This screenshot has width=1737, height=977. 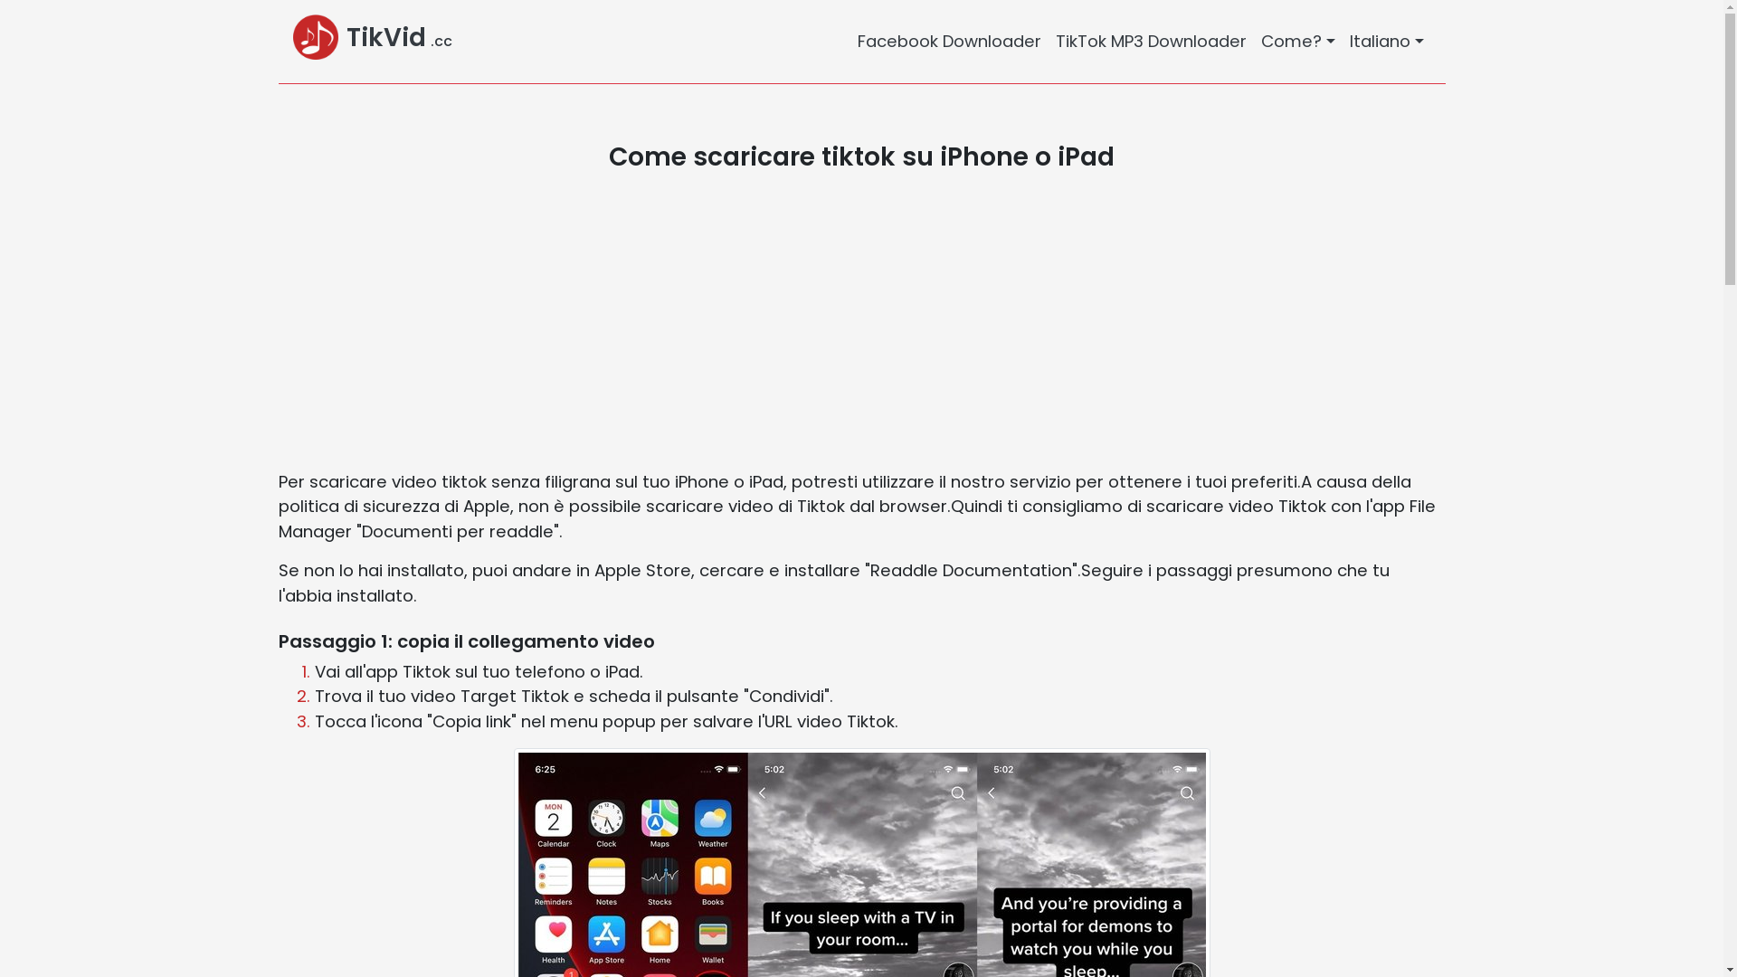 What do you see at coordinates (1385, 41) in the screenshot?
I see `'Italiano'` at bounding box center [1385, 41].